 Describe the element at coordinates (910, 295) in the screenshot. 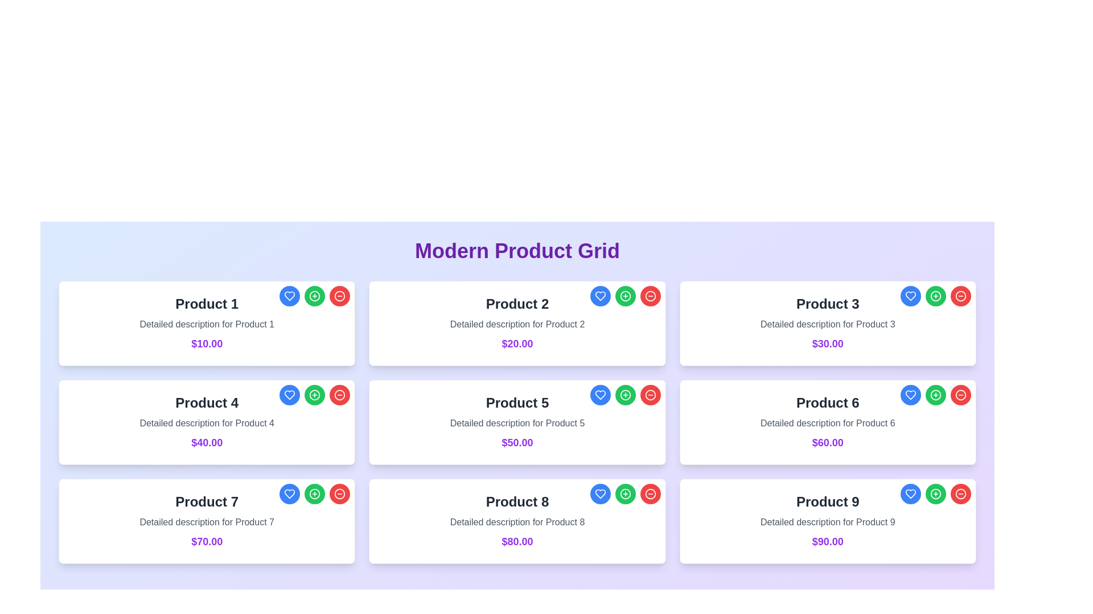

I see `the 'like' icon located in the top-right corner of the 'Product 3' card` at that location.